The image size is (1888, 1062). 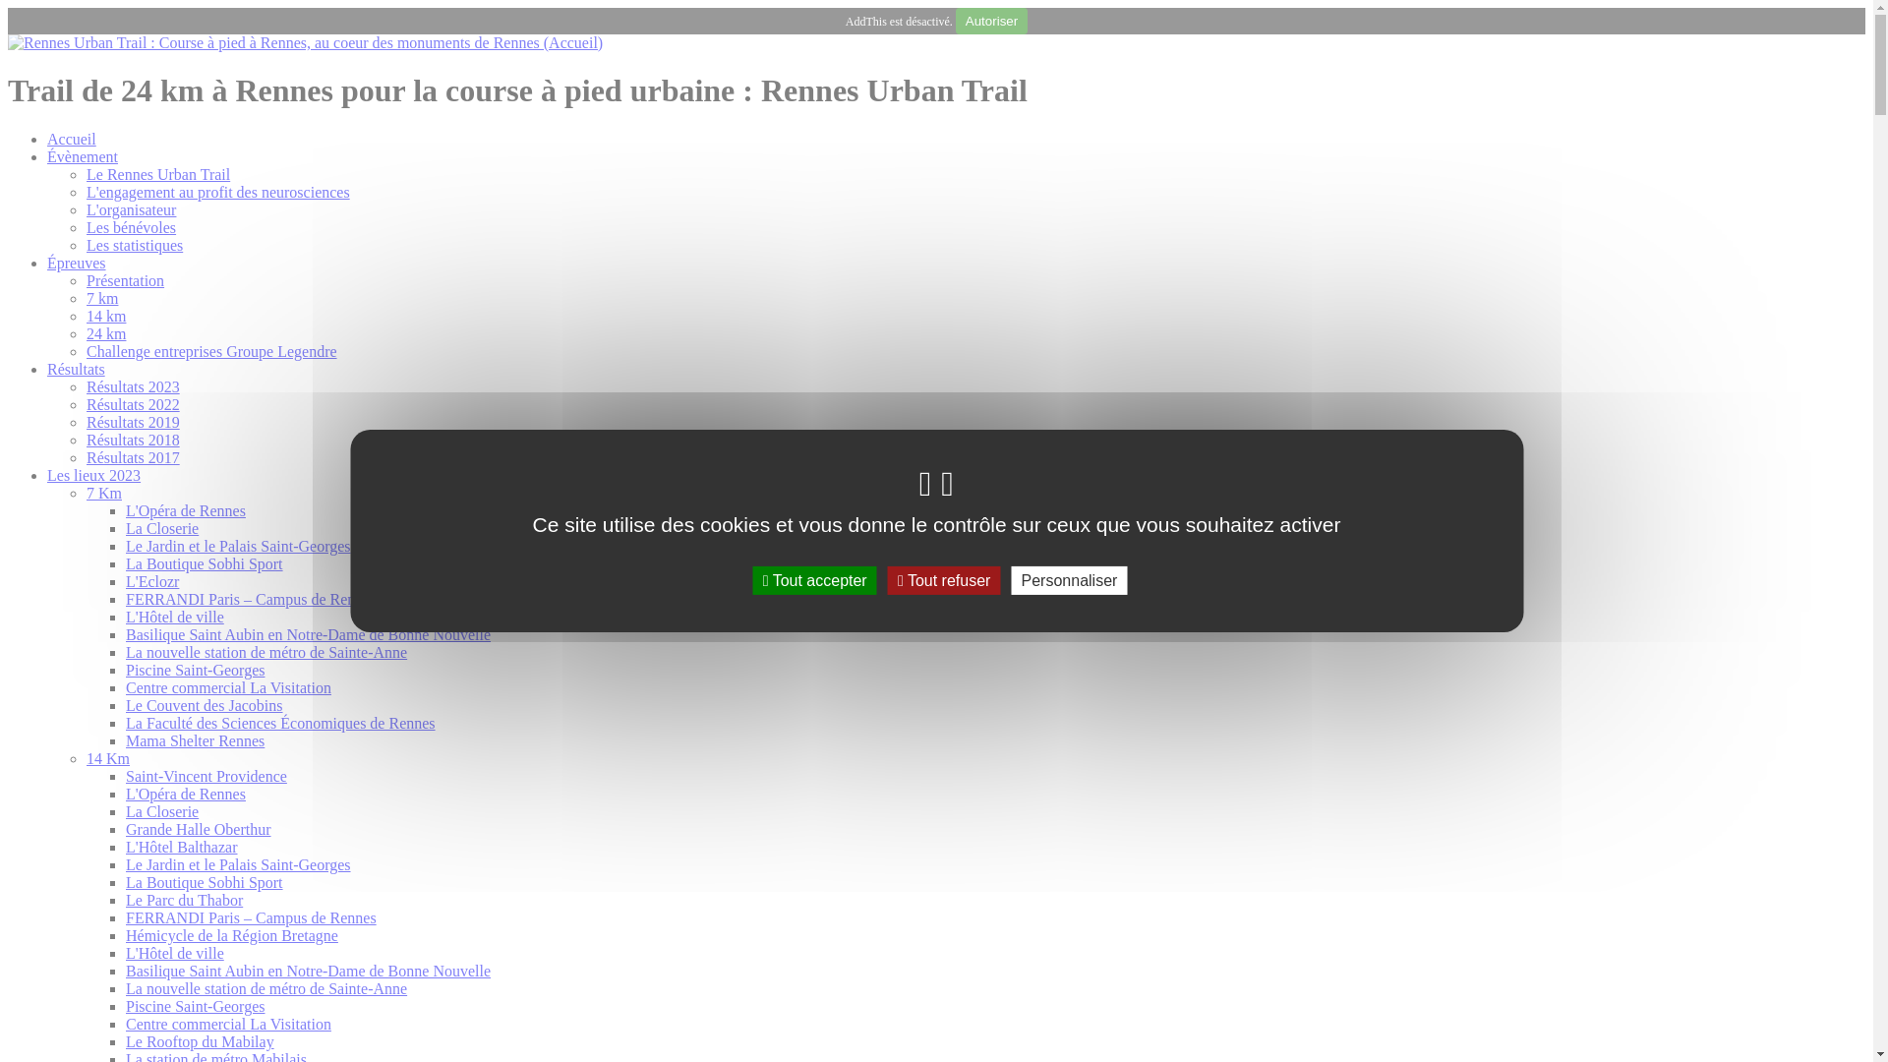 I want to click on 'Tout accepter', so click(x=815, y=579).